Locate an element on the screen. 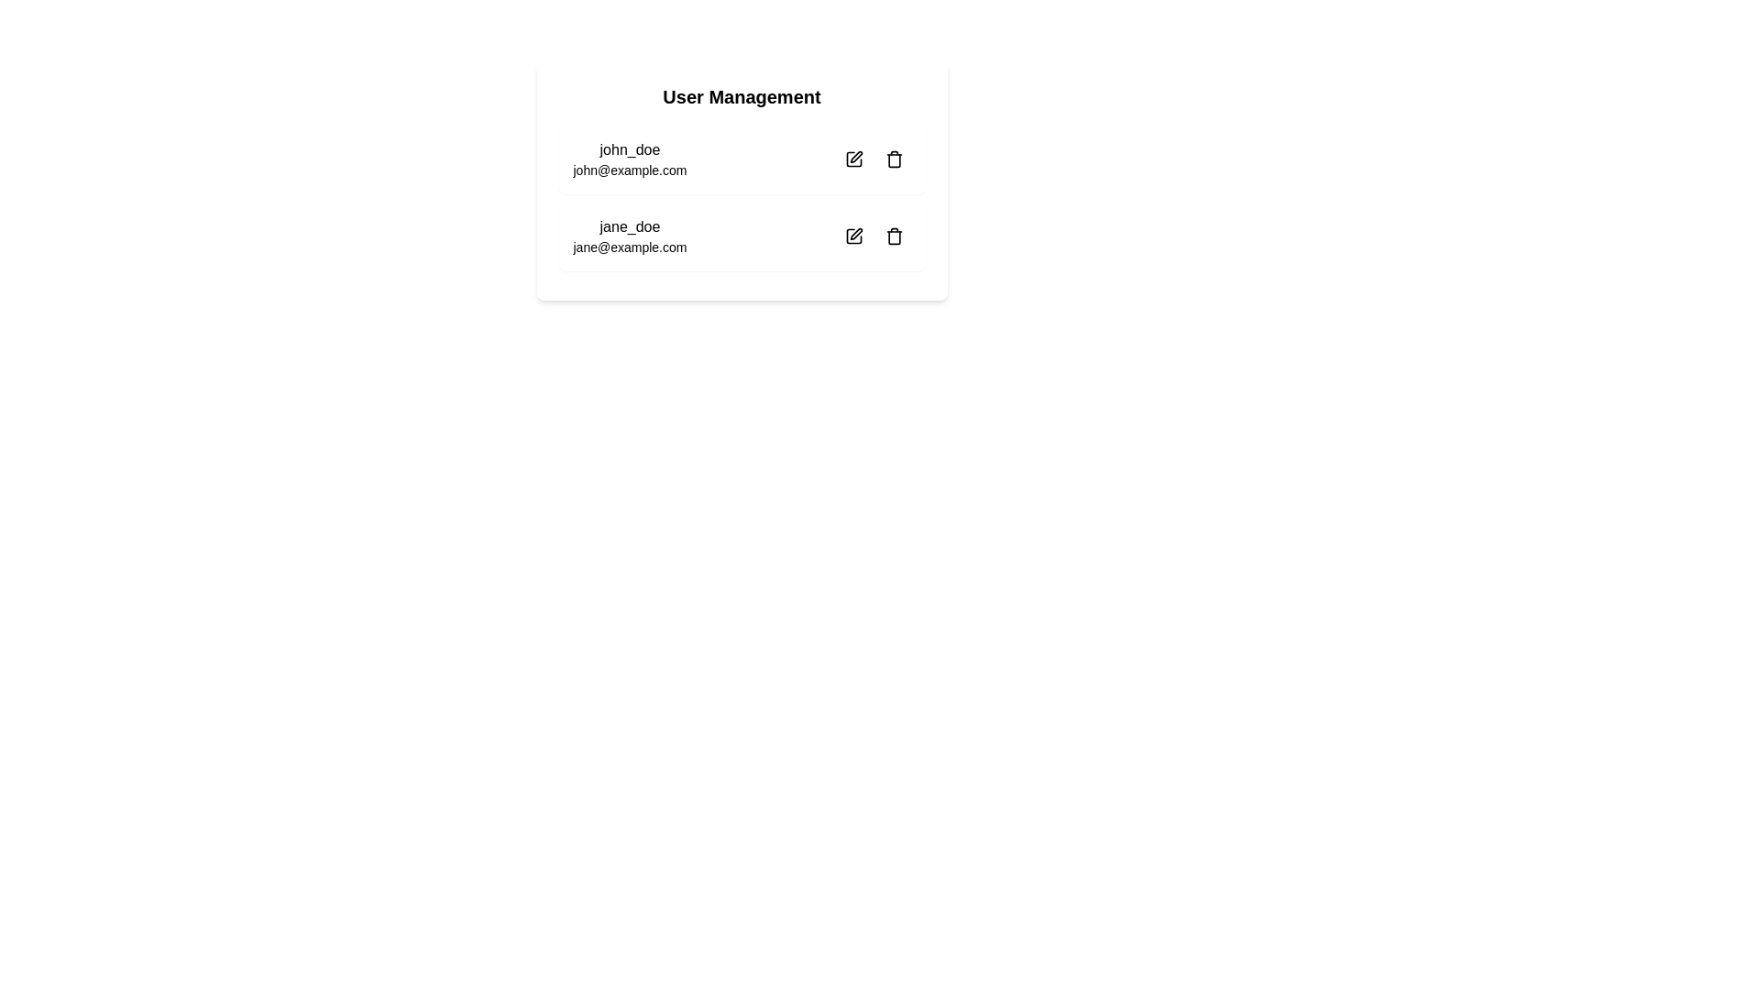 The width and height of the screenshot is (1760, 990). the edit button located in the top-right corner of the row for 'john_doe' in the 'User Management' interface to trigger a tooltip or hover effect is located at coordinates (852, 158).